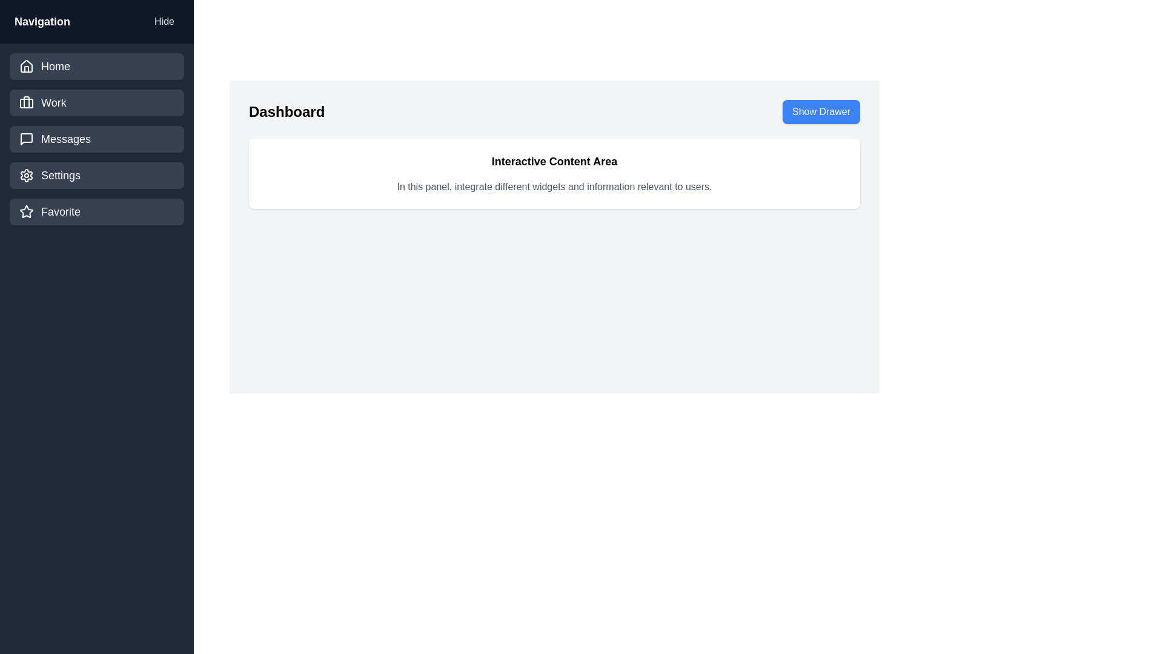 This screenshot has height=654, width=1163. Describe the element at coordinates (96, 102) in the screenshot. I see `the navigation item labeled Work` at that location.